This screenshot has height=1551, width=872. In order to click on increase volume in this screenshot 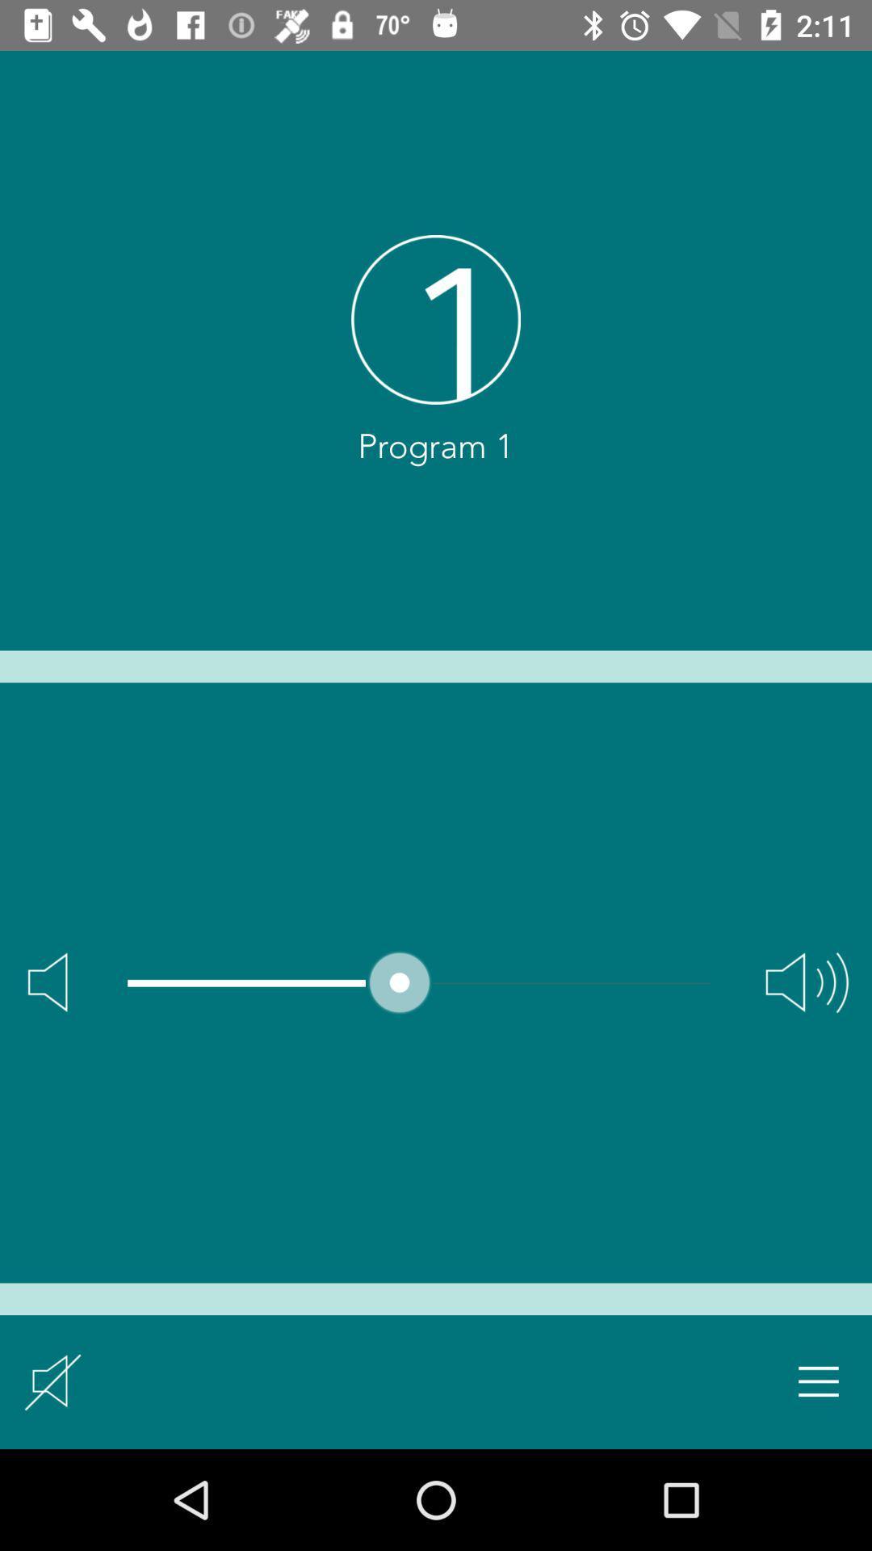, I will do `click(807, 981)`.